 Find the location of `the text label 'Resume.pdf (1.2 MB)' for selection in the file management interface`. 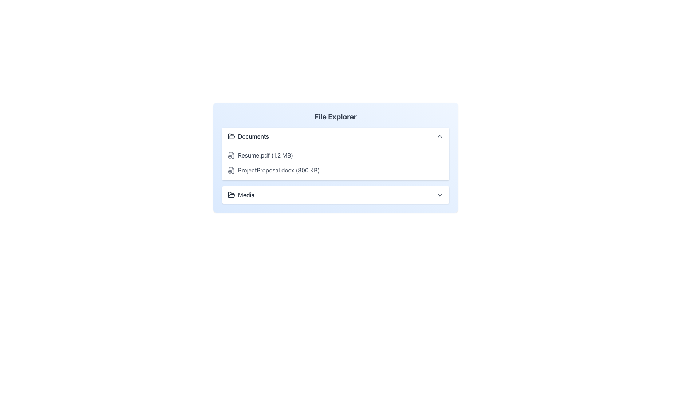

the text label 'Resume.pdf (1.2 MB)' for selection in the file management interface is located at coordinates (265, 155).